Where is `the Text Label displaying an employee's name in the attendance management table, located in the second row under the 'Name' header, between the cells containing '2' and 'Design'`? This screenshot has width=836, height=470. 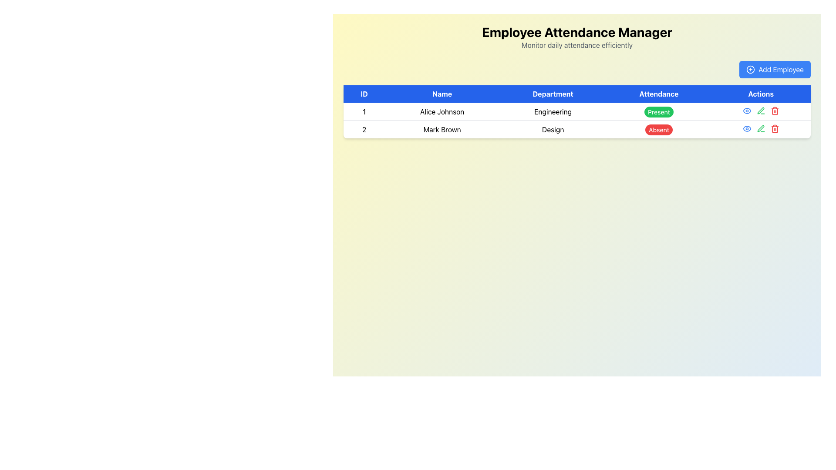 the Text Label displaying an employee's name in the attendance management table, located in the second row under the 'Name' header, between the cells containing '2' and 'Design' is located at coordinates (442, 129).